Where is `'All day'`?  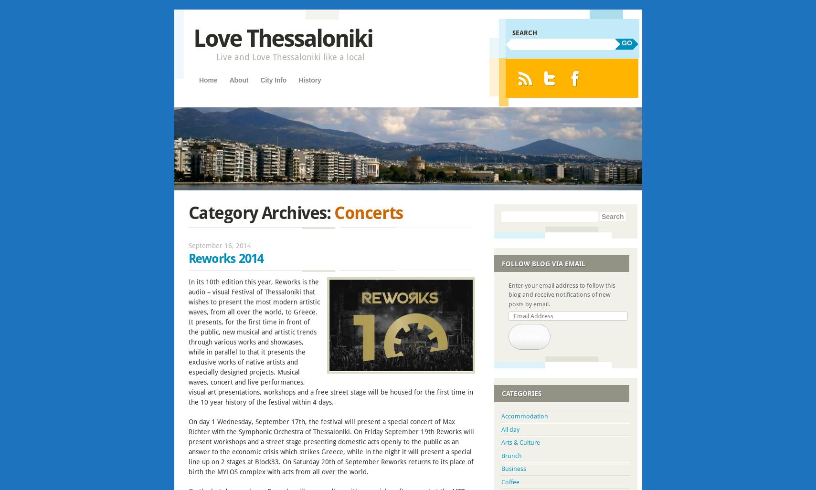 'All day' is located at coordinates (509, 428).